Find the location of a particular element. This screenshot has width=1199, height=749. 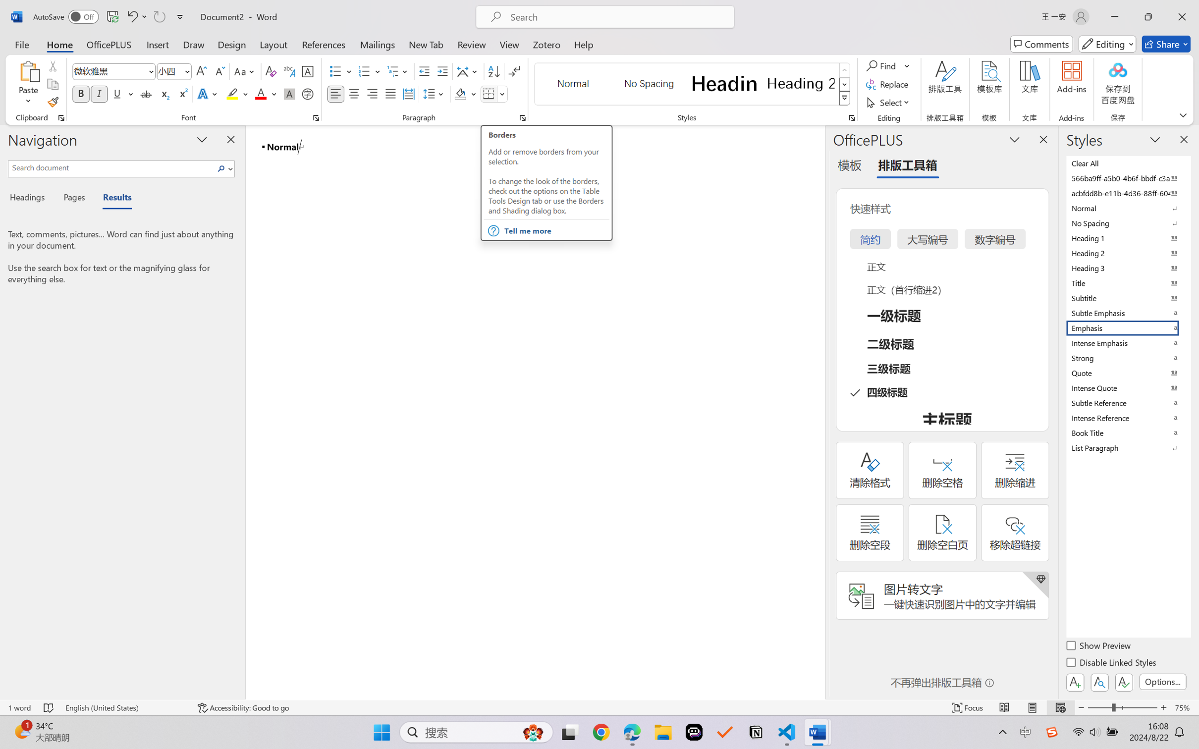

'Headings' is located at coordinates (30, 199).